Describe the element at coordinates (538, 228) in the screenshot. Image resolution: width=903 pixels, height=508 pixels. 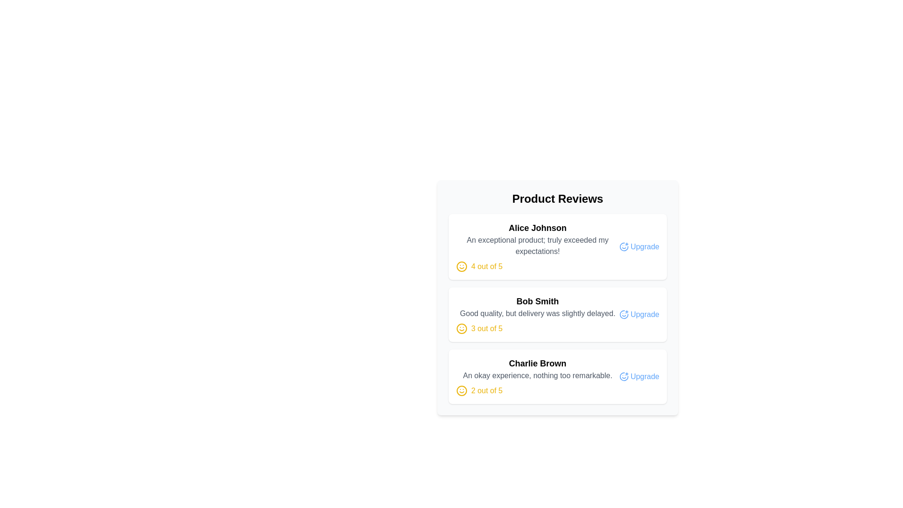
I see `the reviewer name Alice Johnson to observe it` at that location.